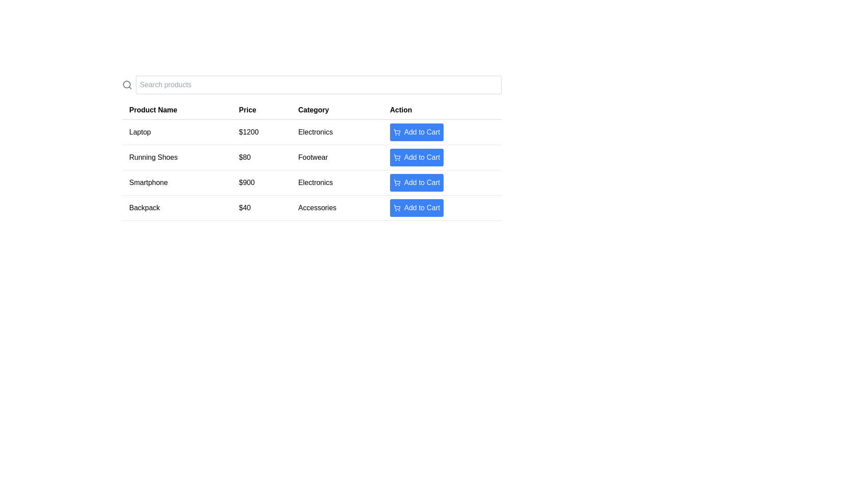 Image resolution: width=850 pixels, height=478 pixels. Describe the element at coordinates (442, 182) in the screenshot. I see `the button on the far right column of the tabular layout corresponding to the product 'Smartphone'` at that location.